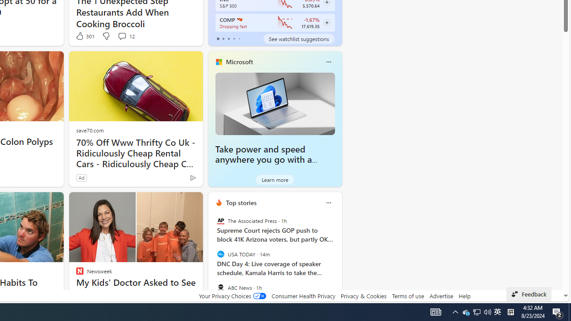  I want to click on 'Class: follow-button  m', so click(326, 22).